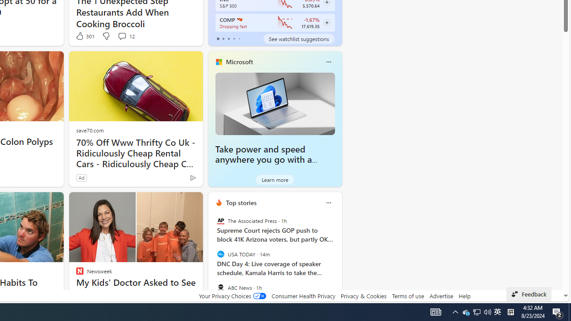  I want to click on 'Class: follow-button  m', so click(326, 22).